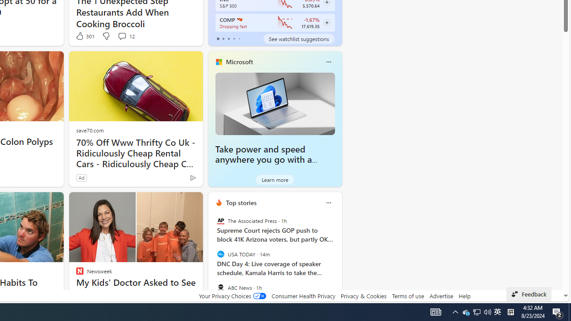  I want to click on 'Class: follow-button  m', so click(326, 22).